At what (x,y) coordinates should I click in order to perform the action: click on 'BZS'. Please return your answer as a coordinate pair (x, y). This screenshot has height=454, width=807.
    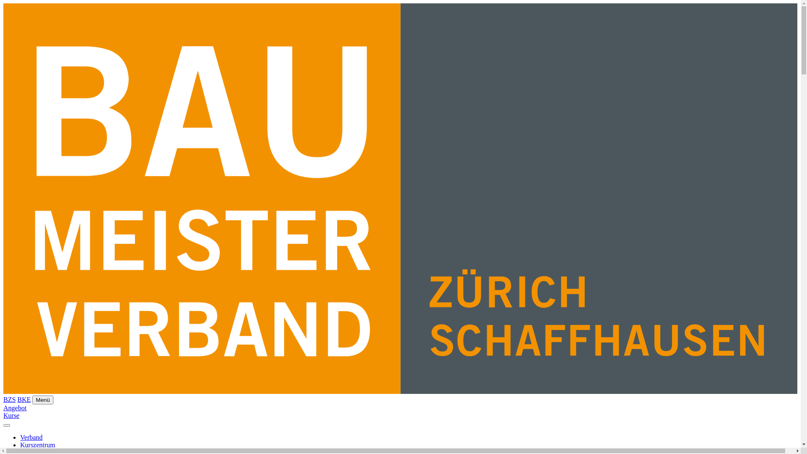
    Looking at the image, I should click on (9, 399).